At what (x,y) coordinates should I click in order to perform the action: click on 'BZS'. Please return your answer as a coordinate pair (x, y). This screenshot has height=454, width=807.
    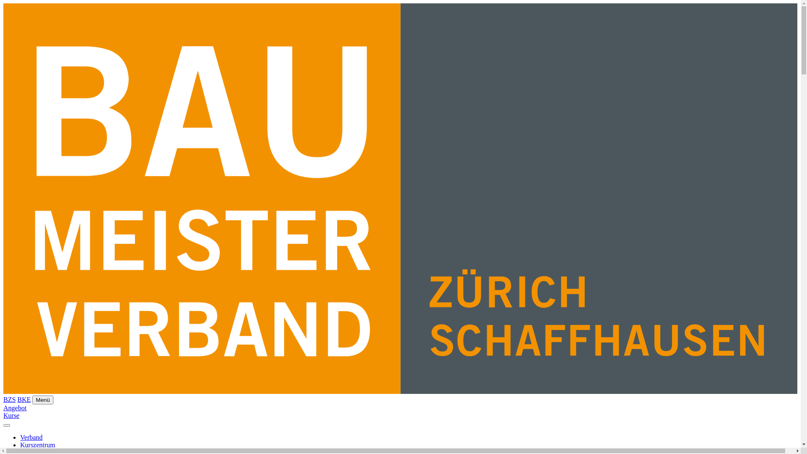
    Looking at the image, I should click on (9, 399).